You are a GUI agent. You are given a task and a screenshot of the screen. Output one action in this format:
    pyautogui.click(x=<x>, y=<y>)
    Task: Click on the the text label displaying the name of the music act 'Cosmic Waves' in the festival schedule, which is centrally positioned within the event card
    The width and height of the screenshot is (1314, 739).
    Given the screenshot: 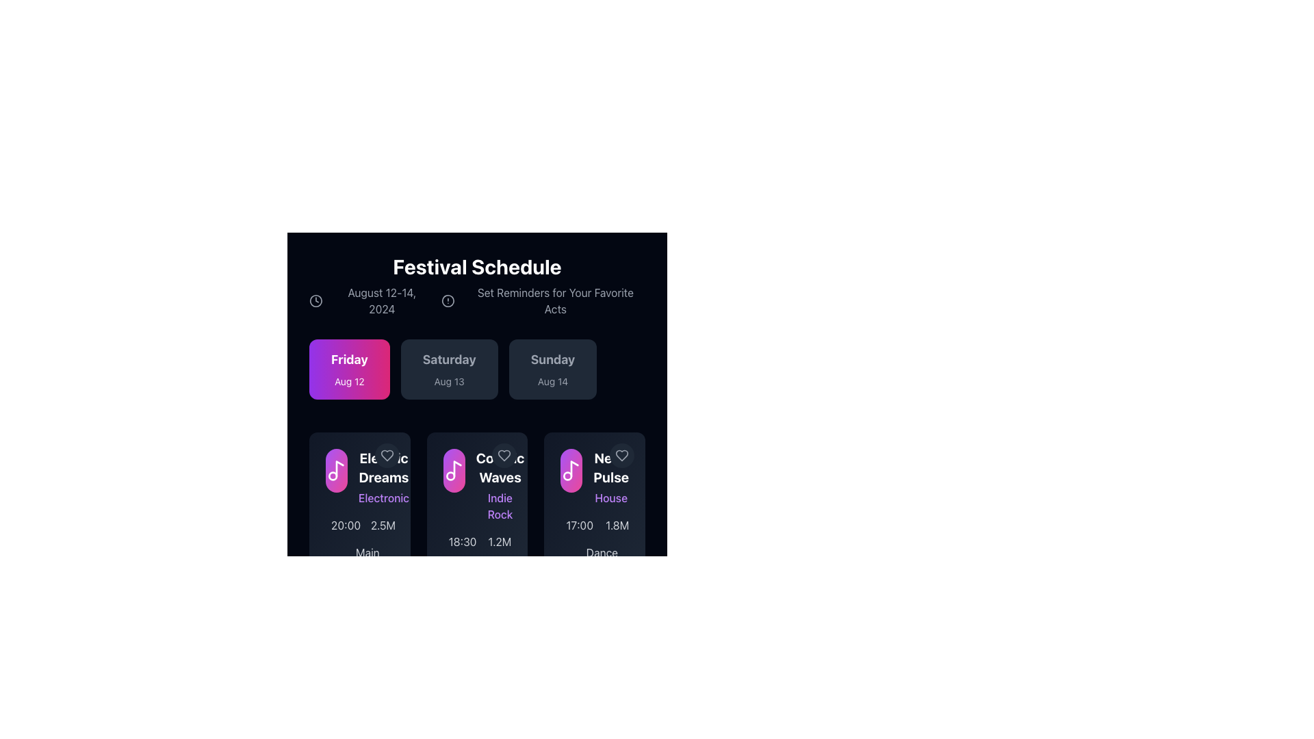 What is the action you would take?
    pyautogui.click(x=499, y=467)
    